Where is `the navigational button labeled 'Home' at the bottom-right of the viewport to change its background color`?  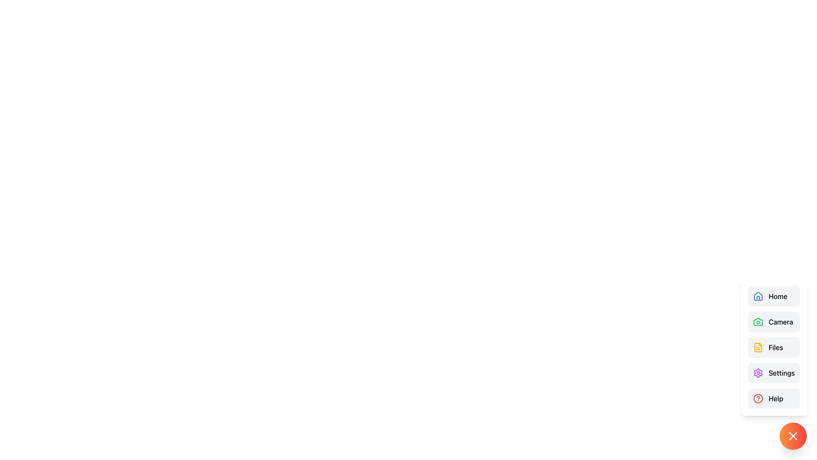
the navigational button labeled 'Home' at the bottom-right of the viewport to change its background color is located at coordinates (774, 296).